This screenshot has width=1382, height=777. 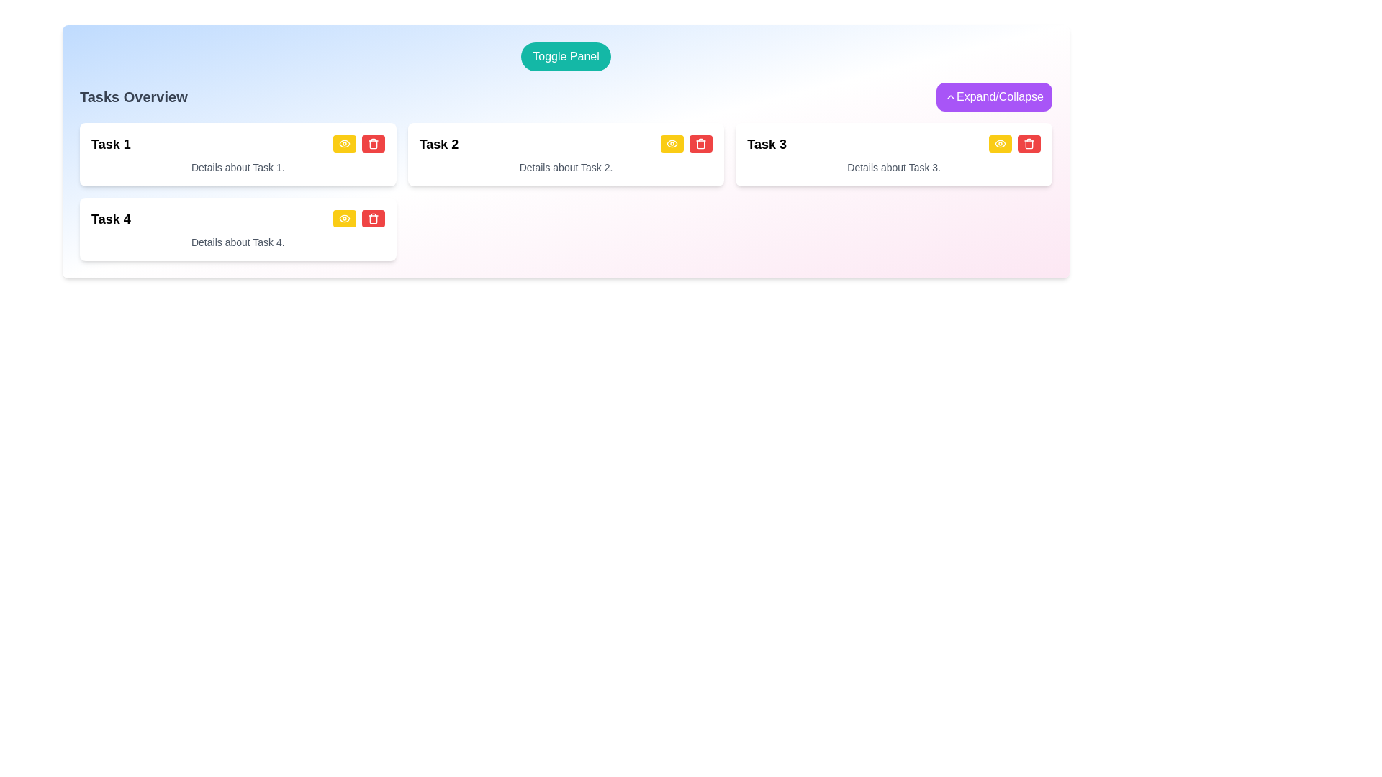 I want to click on the second task card in the task management system, so click(x=565, y=155).